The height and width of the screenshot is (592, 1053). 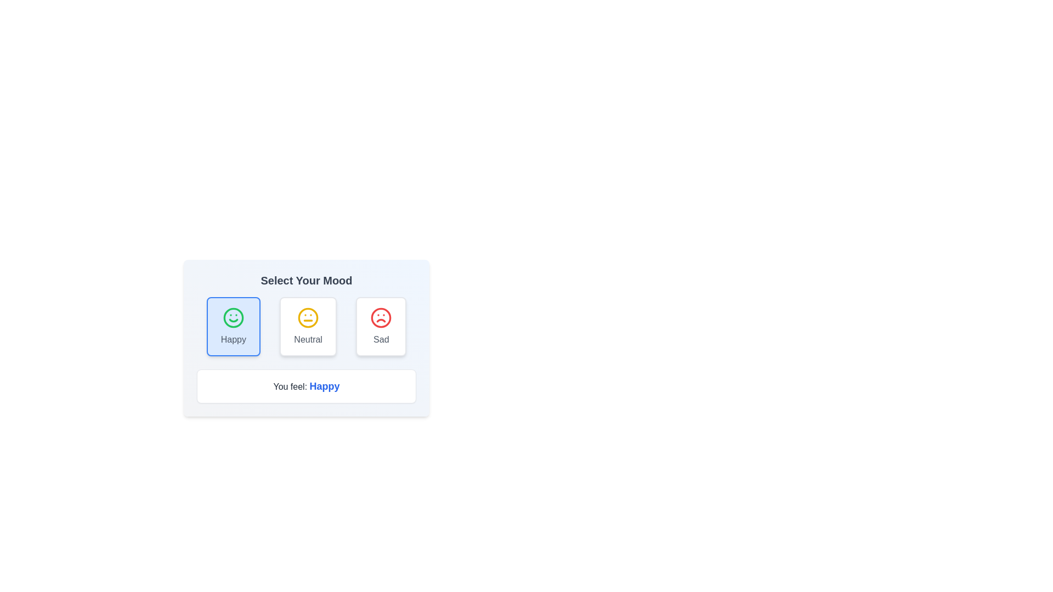 What do you see at coordinates (308, 317) in the screenshot?
I see `the circular outer boundary of the neutral face emoji, which is located at the center of the 'Neutral' mood selection button` at bounding box center [308, 317].